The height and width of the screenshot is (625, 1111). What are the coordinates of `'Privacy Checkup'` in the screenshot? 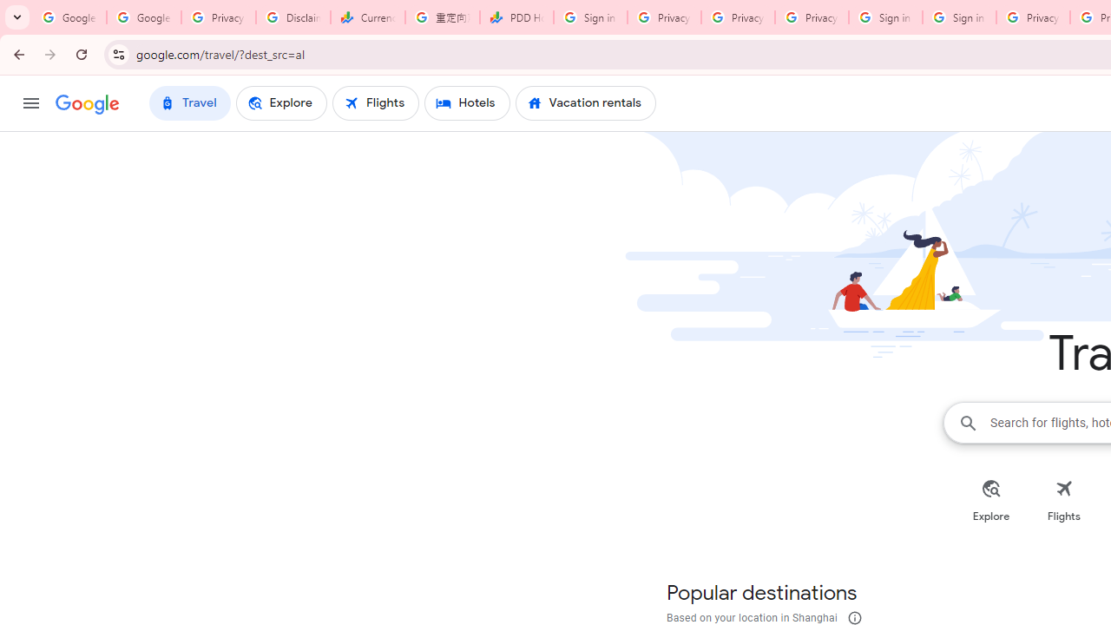 It's located at (738, 17).